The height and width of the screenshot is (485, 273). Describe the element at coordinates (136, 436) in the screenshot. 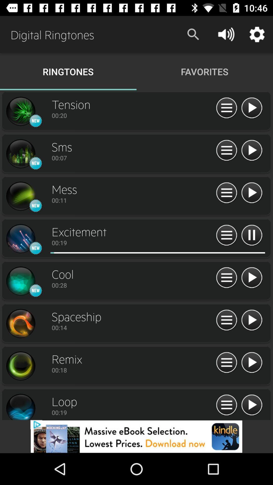

I see `advatisment` at that location.